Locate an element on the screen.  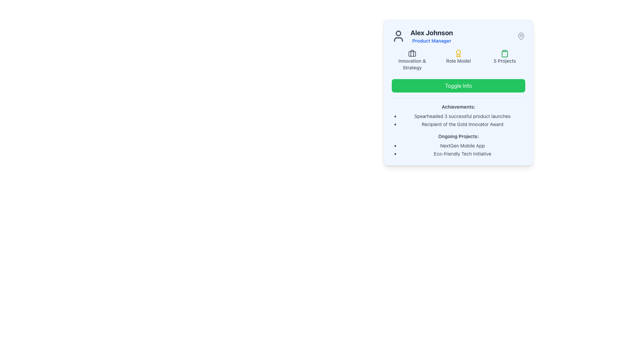
the bold text label displaying 'Ongoing Projects:' which is positioned below the 'Achievements:' heading in the professional achievements section is located at coordinates (458, 136).